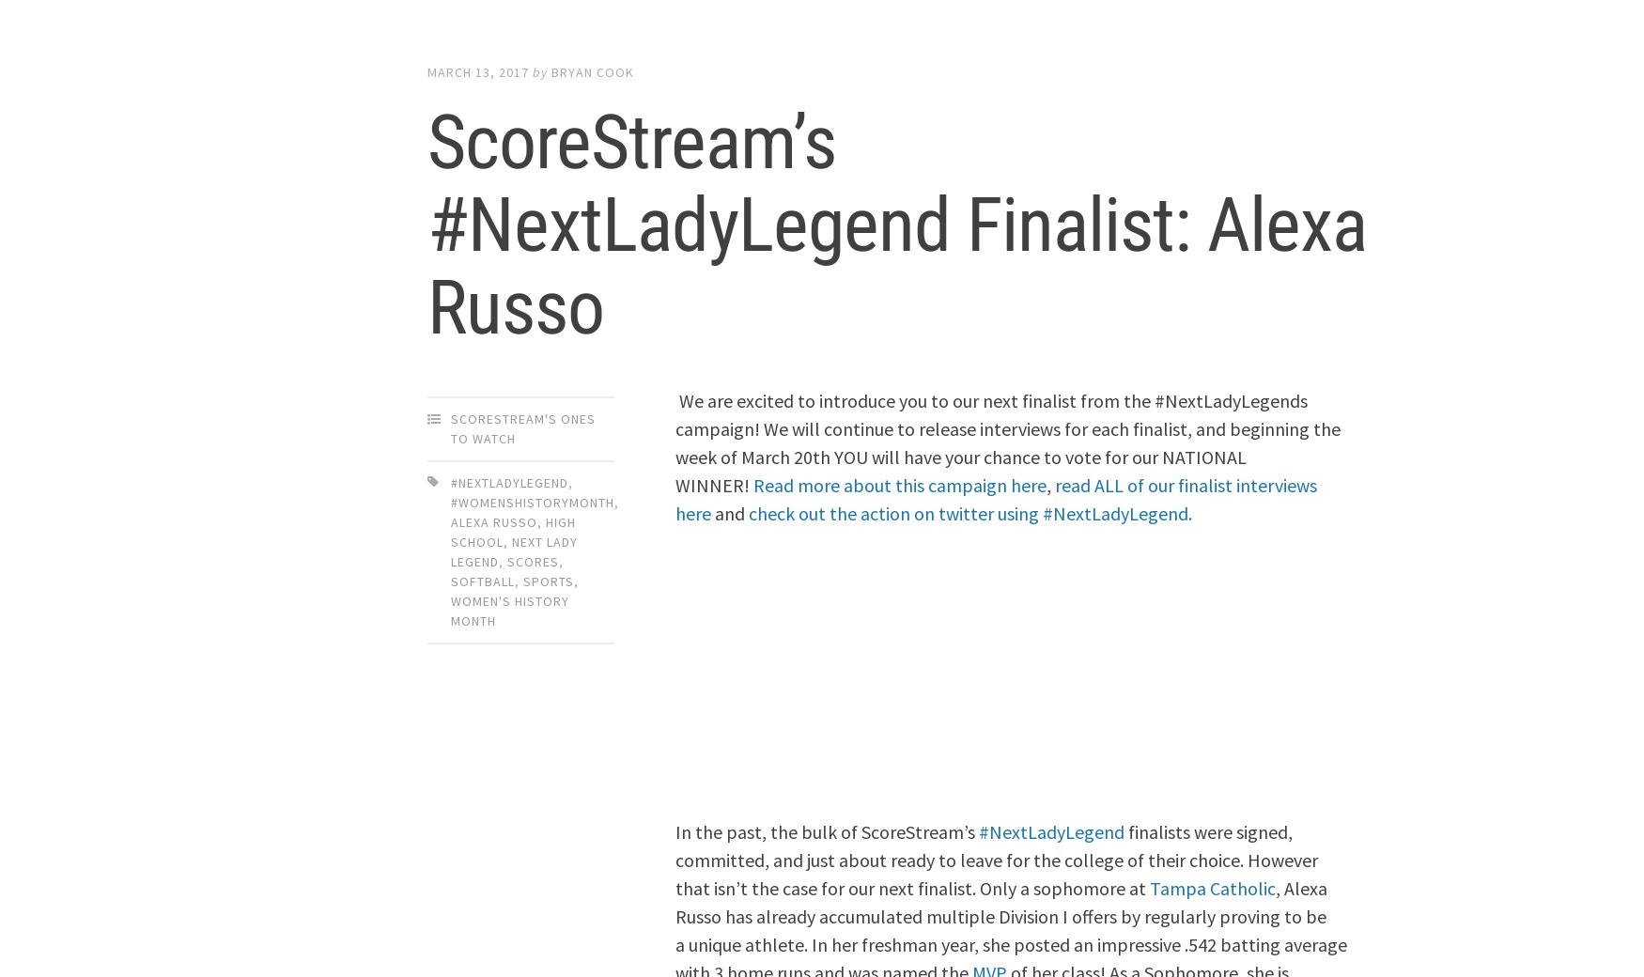 This screenshot has height=977, width=1644. What do you see at coordinates (513, 550) in the screenshot?
I see `'Next Lady Legend'` at bounding box center [513, 550].